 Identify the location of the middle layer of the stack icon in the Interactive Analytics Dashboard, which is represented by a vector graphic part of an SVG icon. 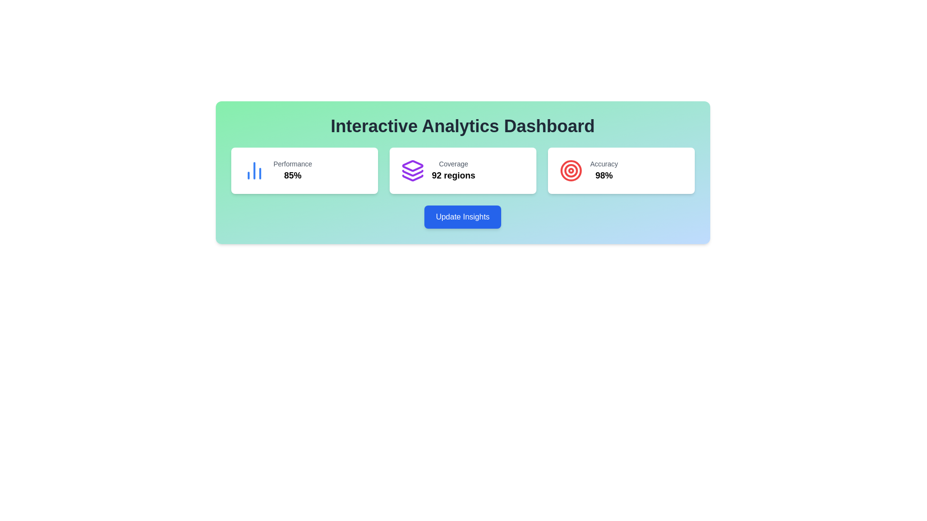
(412, 172).